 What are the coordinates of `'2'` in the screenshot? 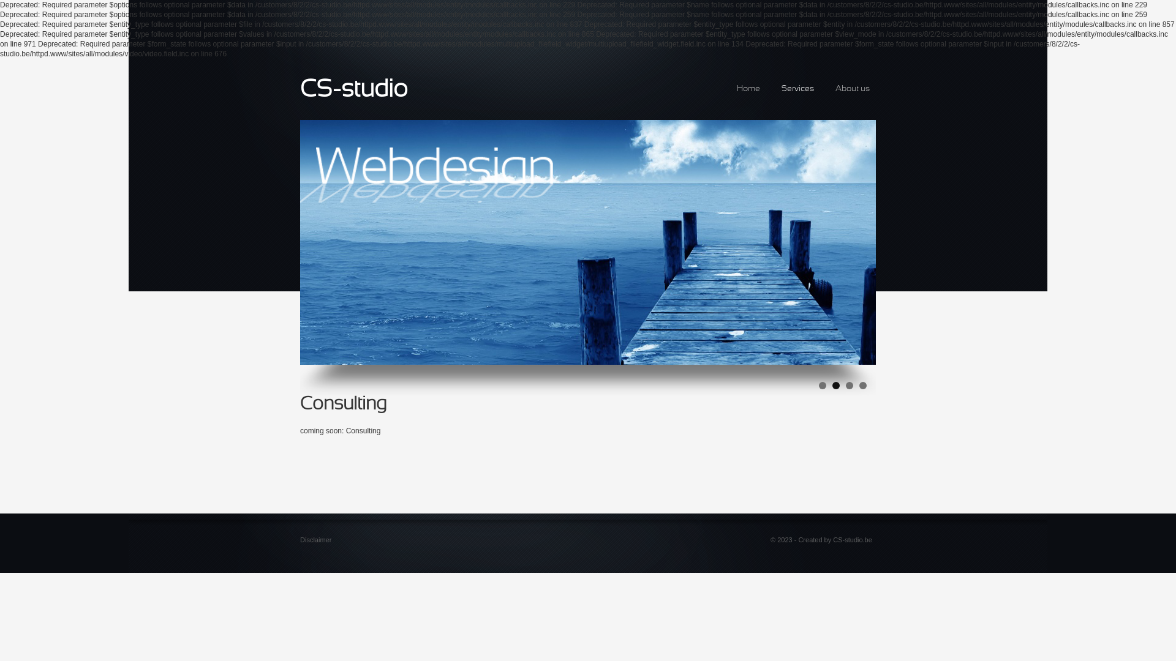 It's located at (835, 384).